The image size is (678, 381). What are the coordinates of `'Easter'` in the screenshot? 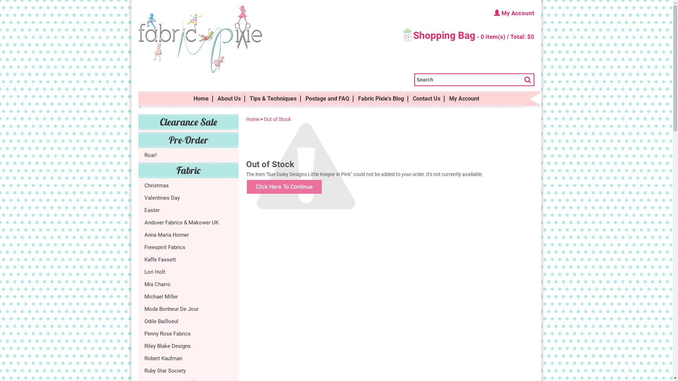 It's located at (144, 210).